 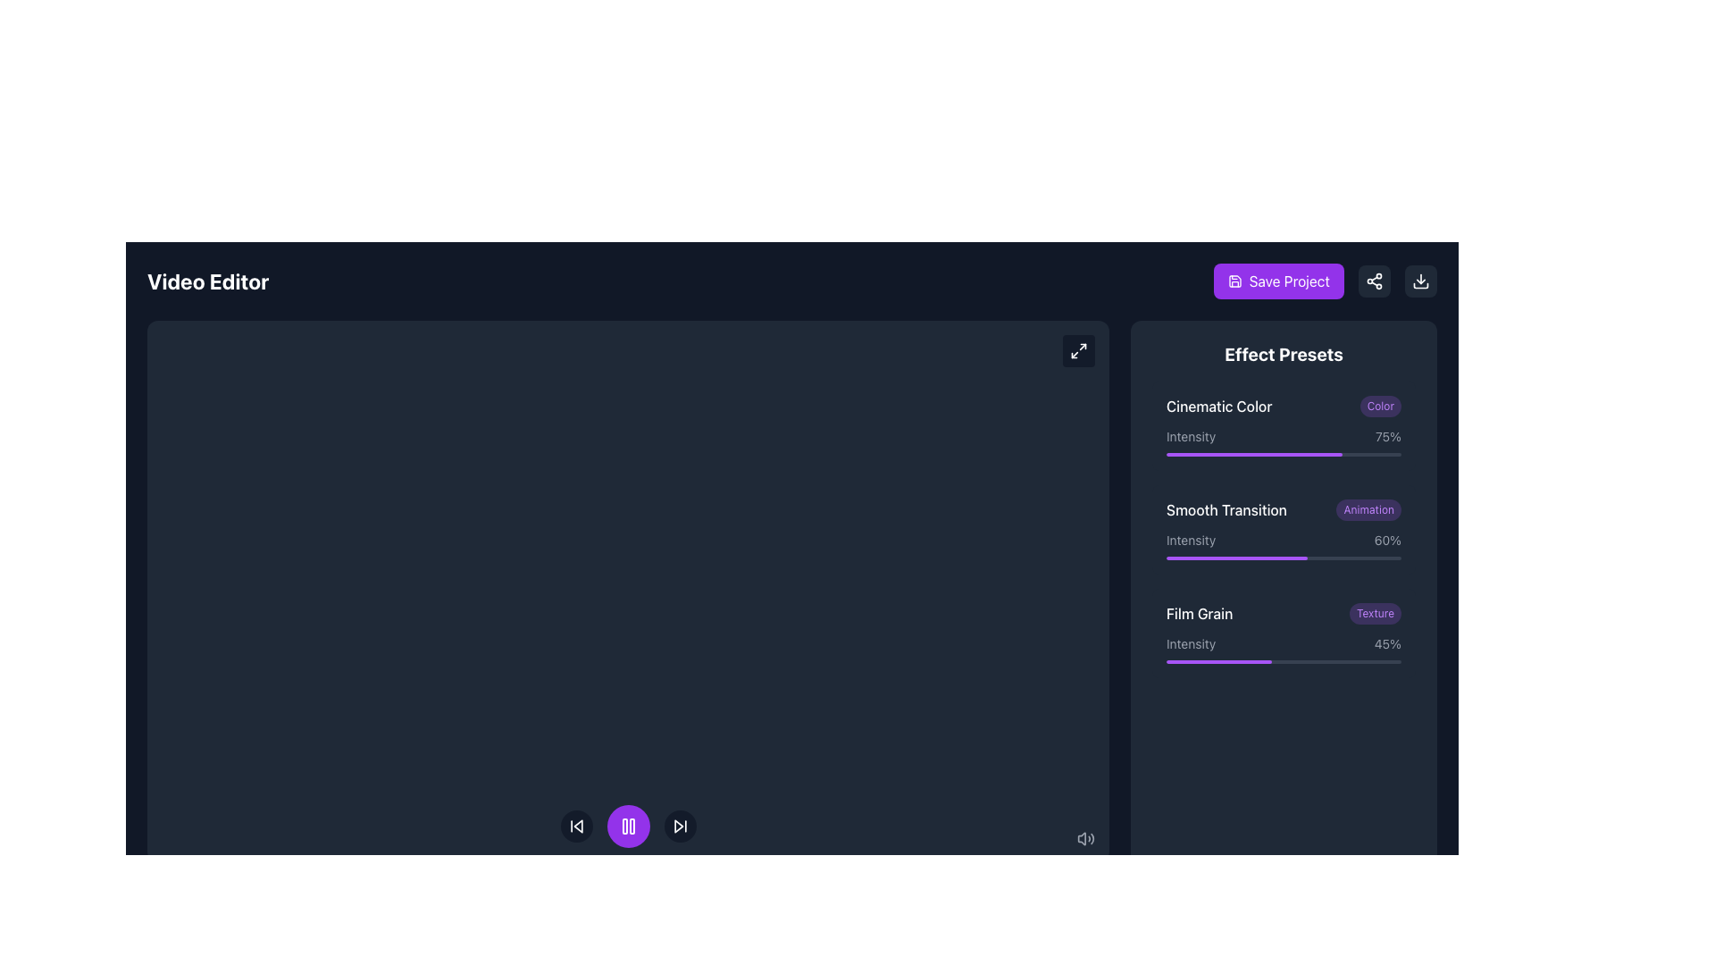 What do you see at coordinates (1277, 281) in the screenshot?
I see `the purple 'Save Project' button located in the top-right corner of the interface` at bounding box center [1277, 281].